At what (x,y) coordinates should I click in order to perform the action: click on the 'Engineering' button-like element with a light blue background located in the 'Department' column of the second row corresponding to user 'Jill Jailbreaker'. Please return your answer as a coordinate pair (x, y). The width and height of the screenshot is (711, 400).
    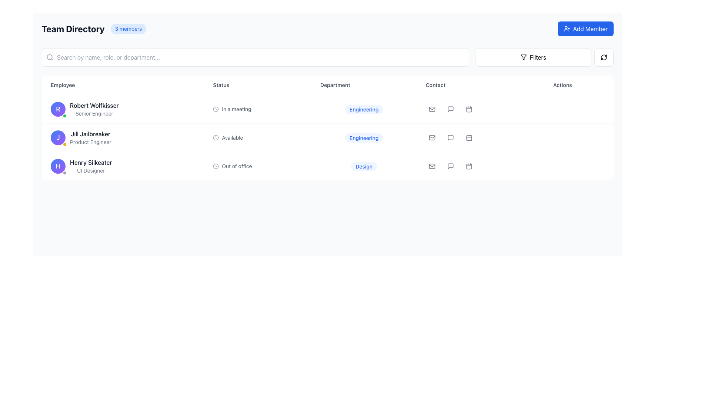
    Looking at the image, I should click on (364, 137).